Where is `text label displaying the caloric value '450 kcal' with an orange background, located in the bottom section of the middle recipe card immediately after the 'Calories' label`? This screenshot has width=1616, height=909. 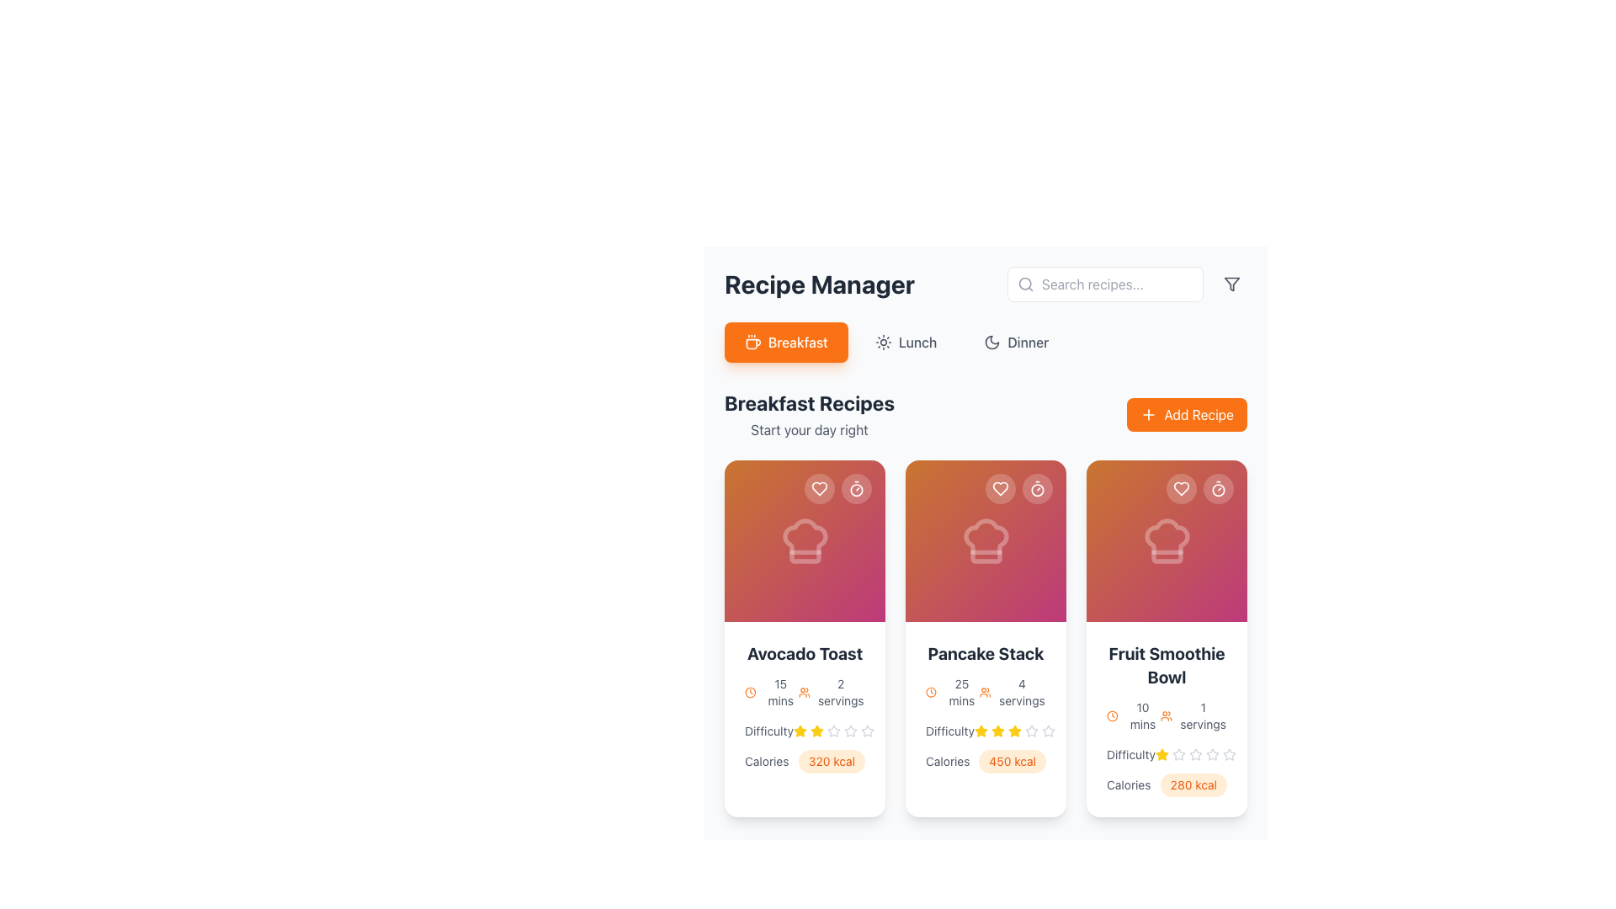 text label displaying the caloric value '450 kcal' with an orange background, located in the bottom section of the middle recipe card immediately after the 'Calories' label is located at coordinates (986, 747).